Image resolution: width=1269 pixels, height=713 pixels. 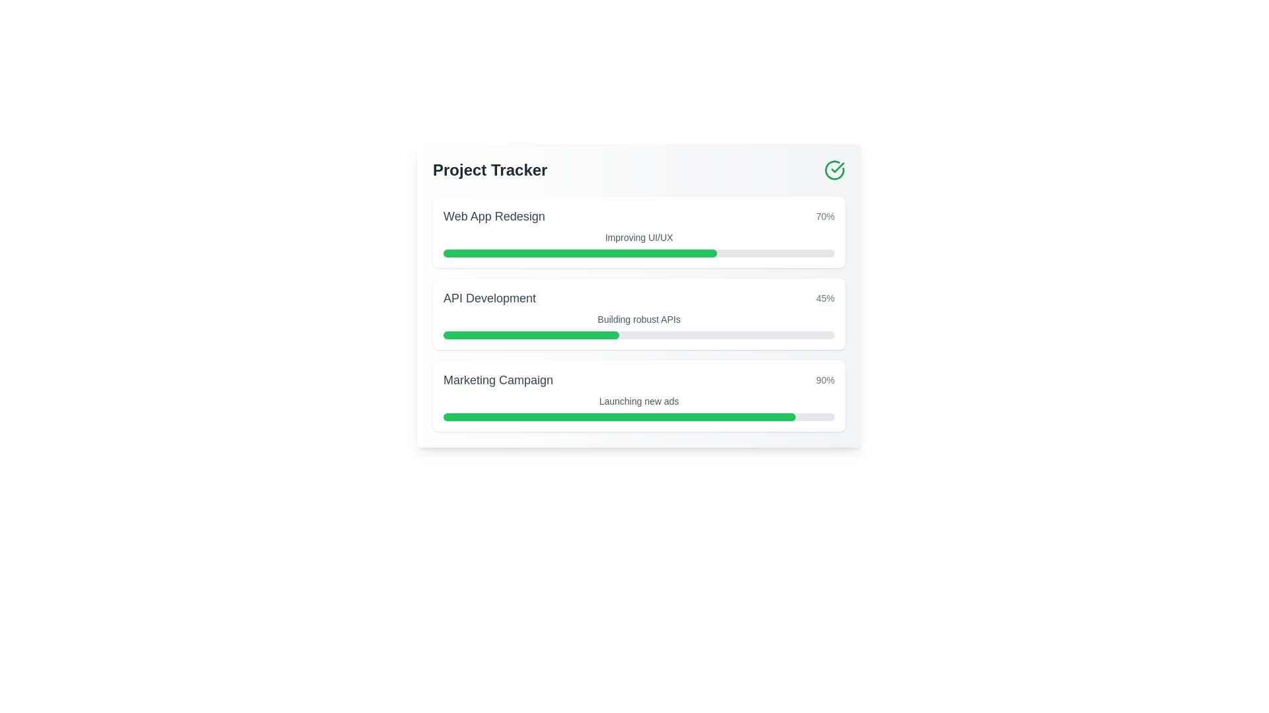 I want to click on the 'Improving UI/UX' label text, which is located below the progress text and above the green progress bar in the 'Web App Redesign' section of the project tracker interface, so click(x=638, y=236).